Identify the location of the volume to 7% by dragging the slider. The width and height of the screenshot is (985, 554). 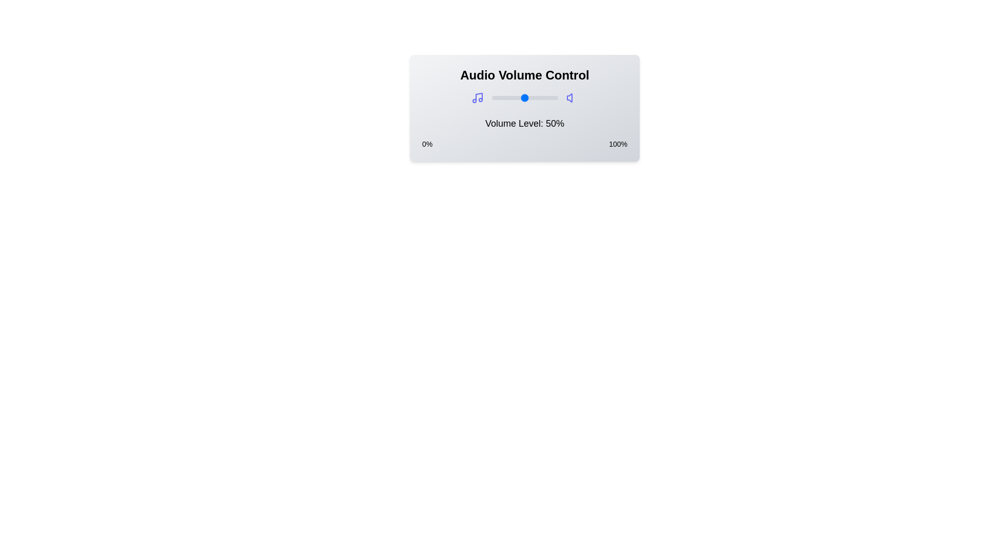
(496, 98).